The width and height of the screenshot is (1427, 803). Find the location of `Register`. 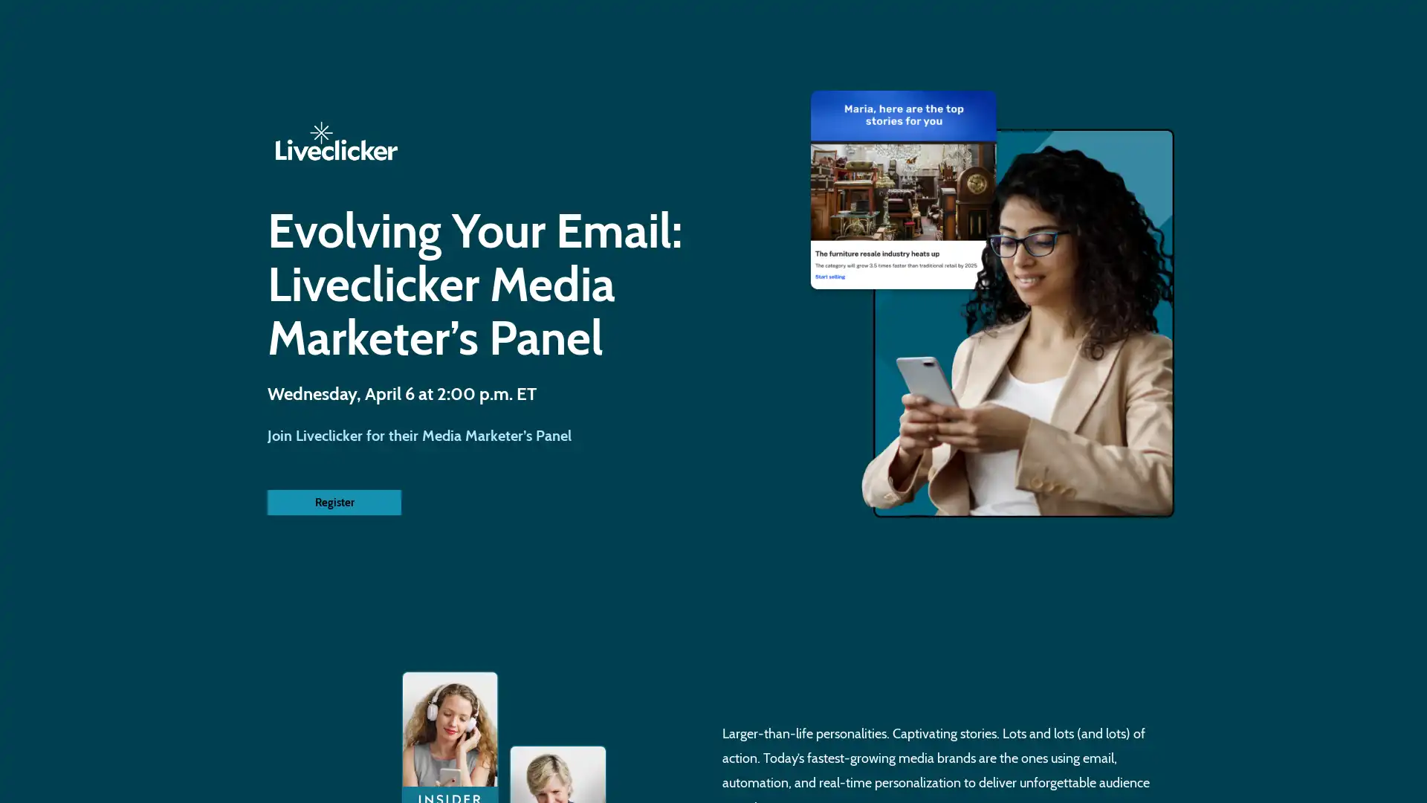

Register is located at coordinates (334, 502).